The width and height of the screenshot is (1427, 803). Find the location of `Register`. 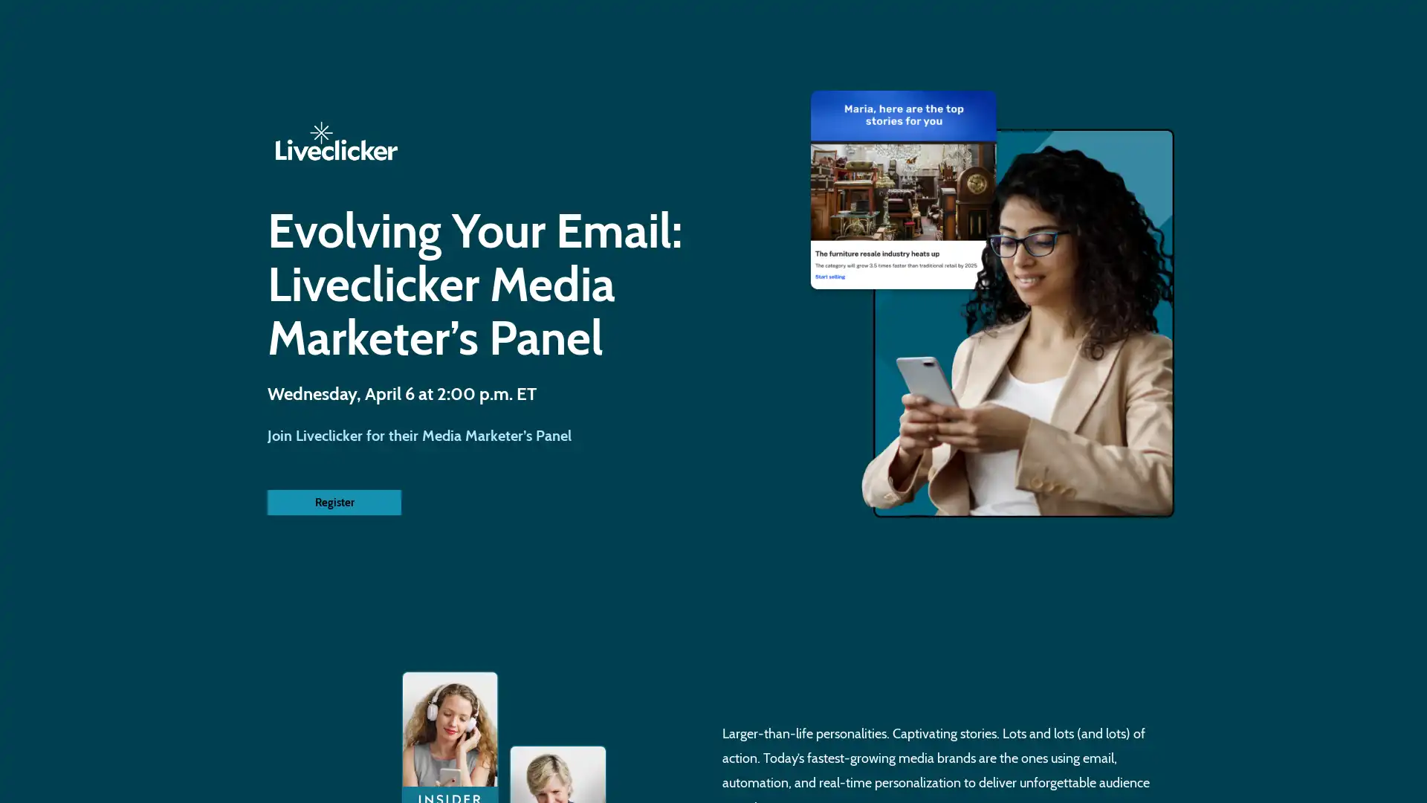

Register is located at coordinates (334, 502).